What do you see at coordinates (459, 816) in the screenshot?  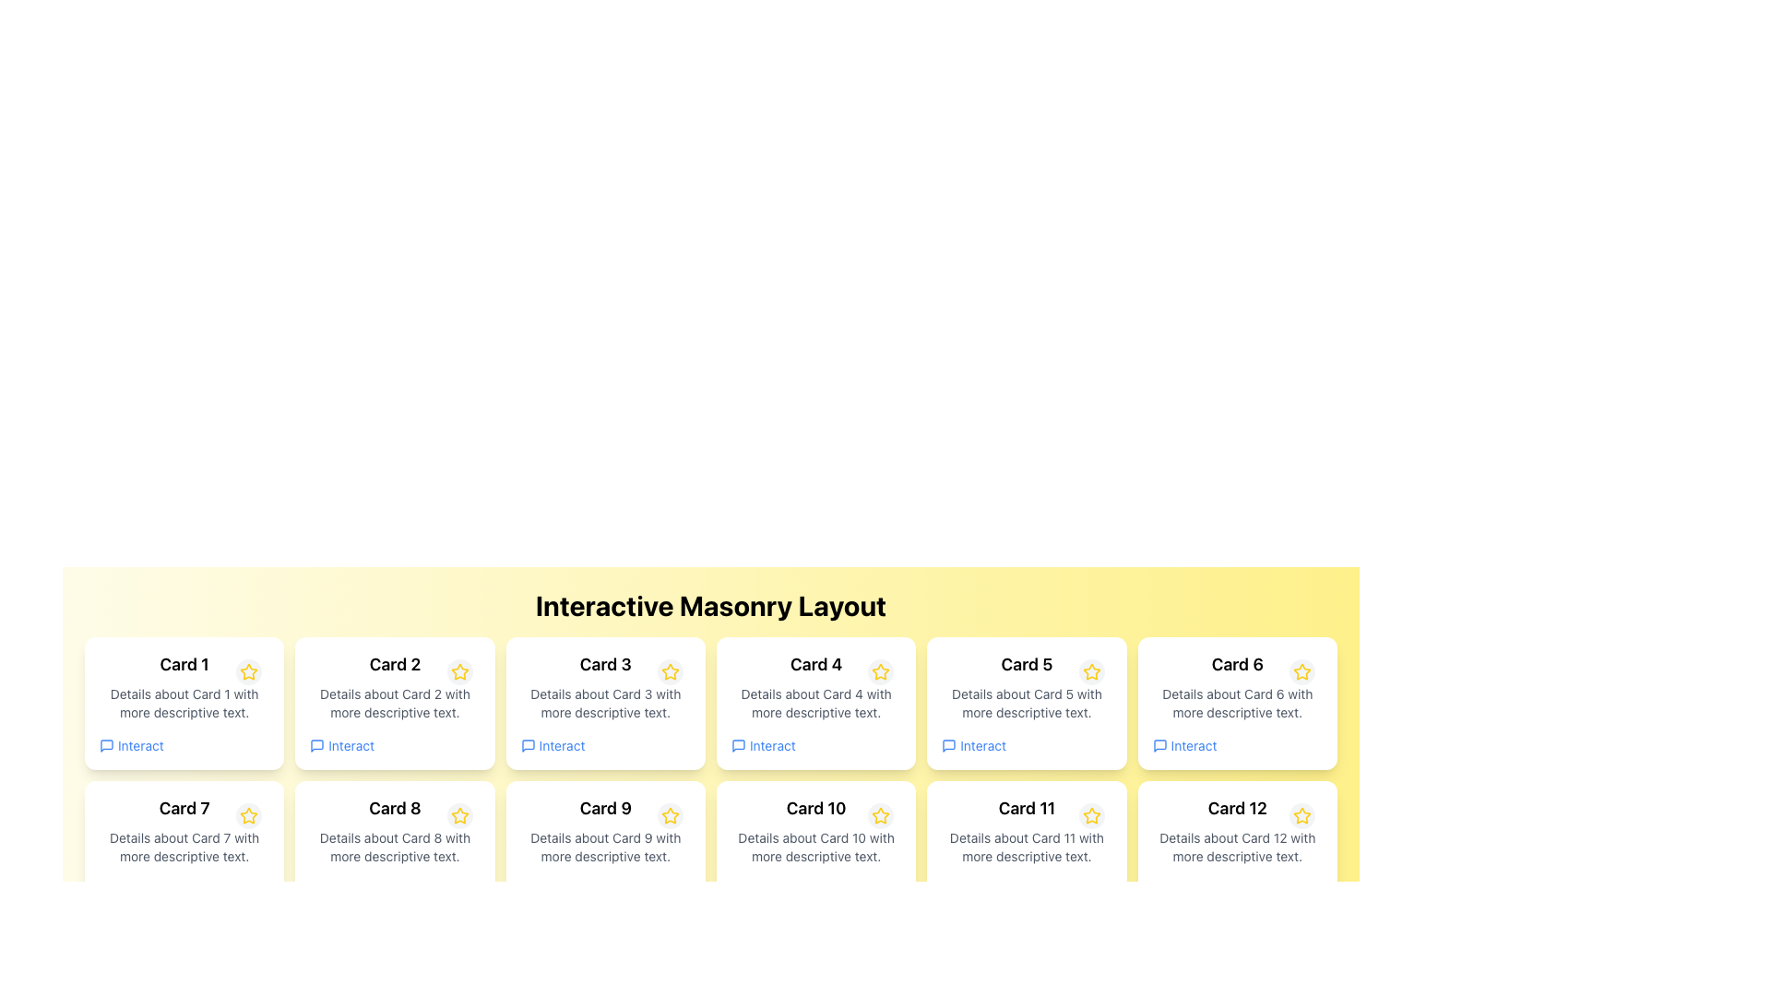 I see `the yellow star icon outlined in yellow strokes and filled with white, located at the top-right corner of 'Card 8'` at bounding box center [459, 816].